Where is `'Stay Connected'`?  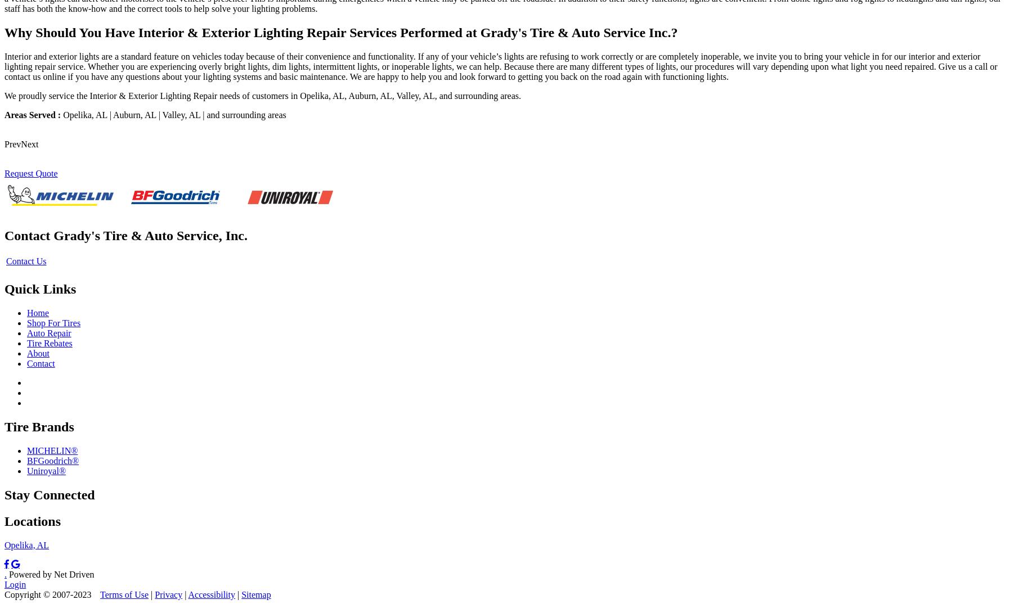
'Stay Connected' is located at coordinates (48, 493).